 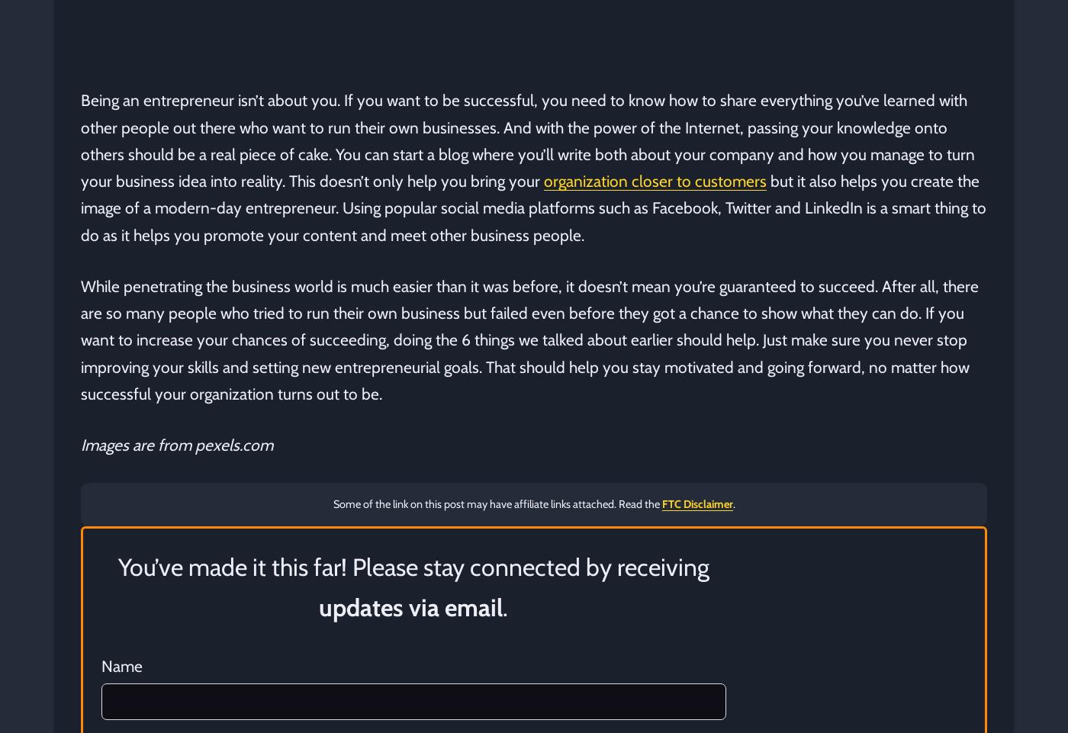 I want to click on 'organization closer to customers', so click(x=543, y=180).